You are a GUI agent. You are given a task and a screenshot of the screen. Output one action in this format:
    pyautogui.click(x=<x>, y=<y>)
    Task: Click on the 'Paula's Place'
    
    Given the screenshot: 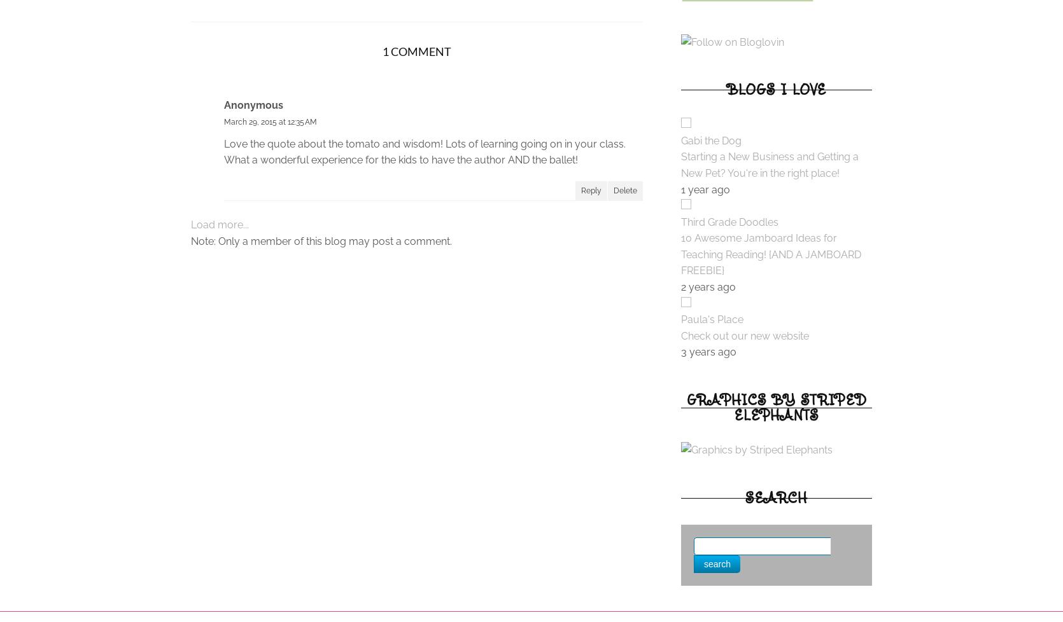 What is the action you would take?
    pyautogui.click(x=680, y=319)
    